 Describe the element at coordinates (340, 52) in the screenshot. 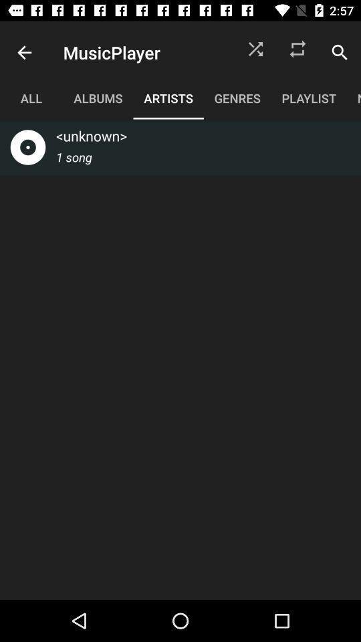

I see `icon above the playlist` at that location.